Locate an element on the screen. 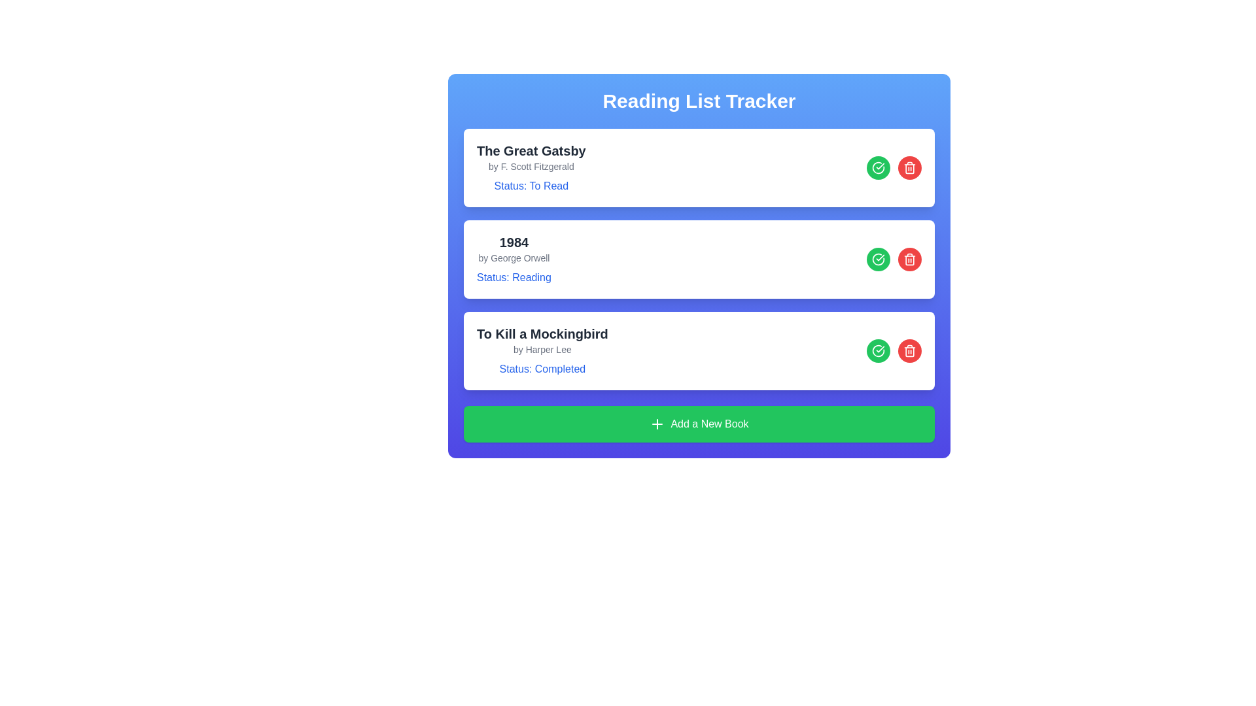  the horizontally wide green button labeled 'Add a New Book' with a plus icon is located at coordinates (699, 424).